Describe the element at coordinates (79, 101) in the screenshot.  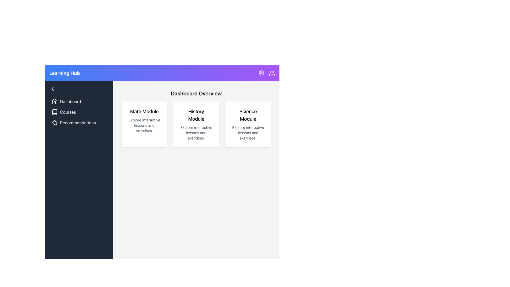
I see `the topmost button in the sidebar that navigates to the dashboard section of the application` at that location.